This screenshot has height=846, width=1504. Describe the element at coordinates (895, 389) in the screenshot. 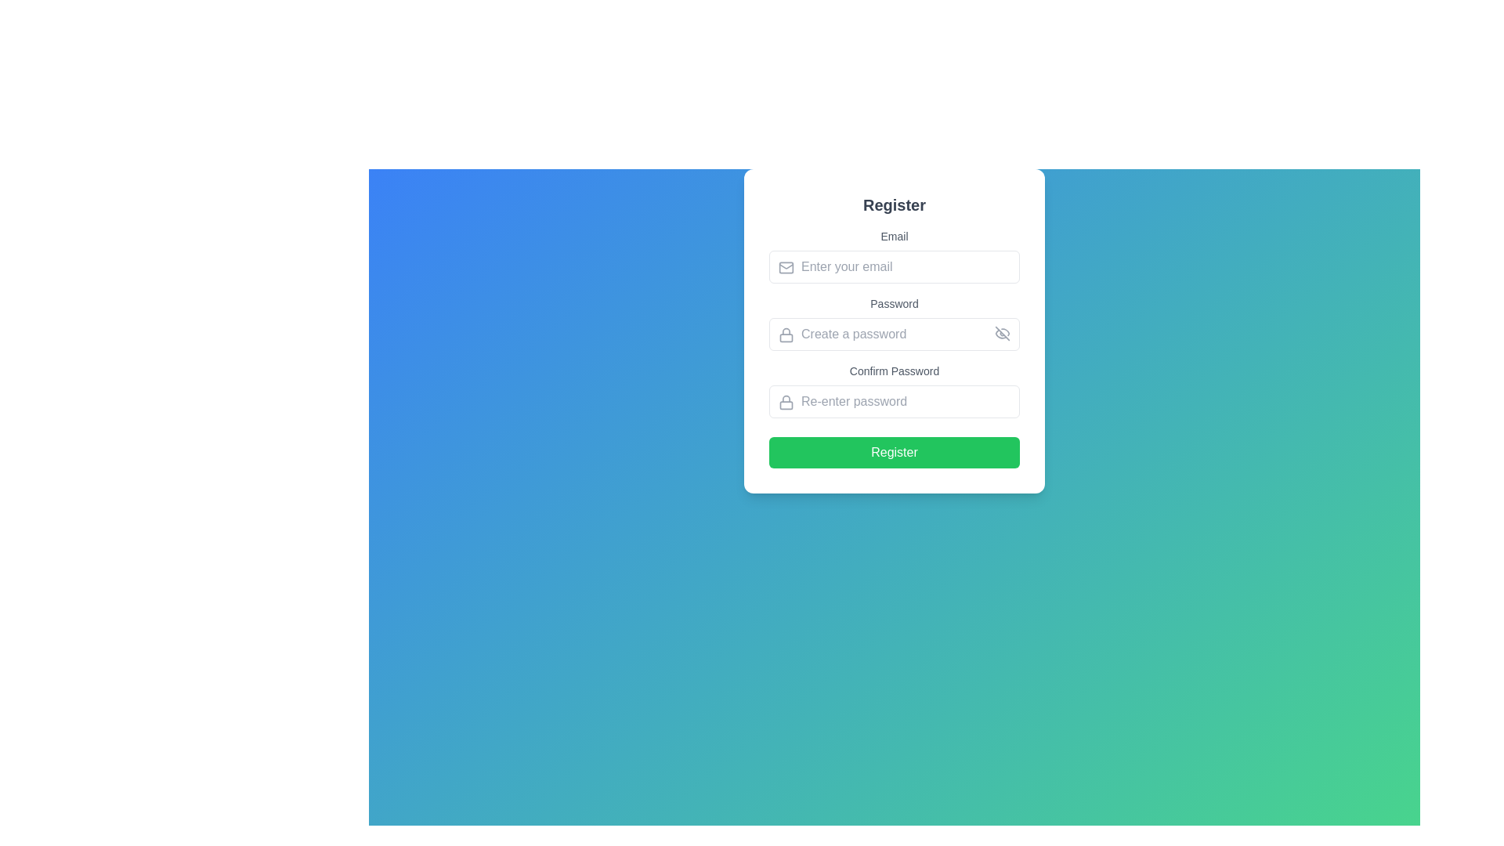

I see `the 'Confirm Password' form field with a gray lock icon` at that location.